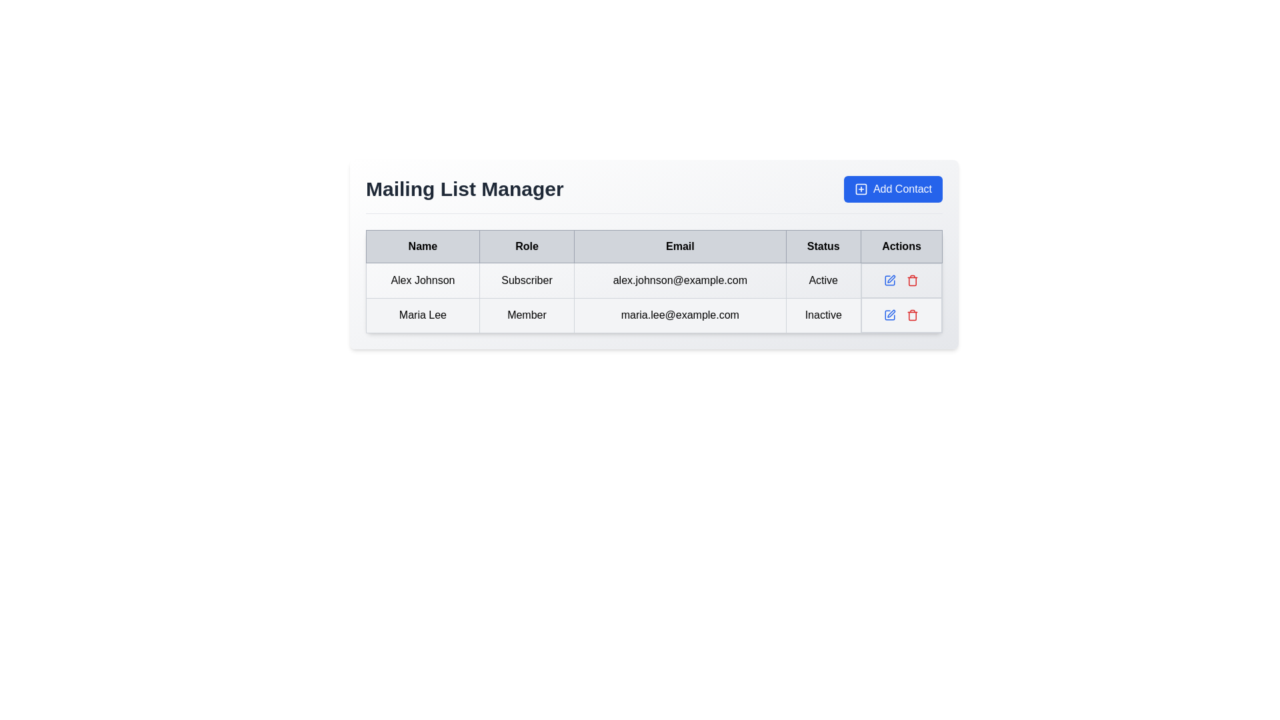 The height and width of the screenshot is (720, 1280). What do you see at coordinates (901, 279) in the screenshot?
I see `the delete icon located in the 'Actions' column of the row corresponding to 'Alex Johnson' to initiate a delete action` at bounding box center [901, 279].